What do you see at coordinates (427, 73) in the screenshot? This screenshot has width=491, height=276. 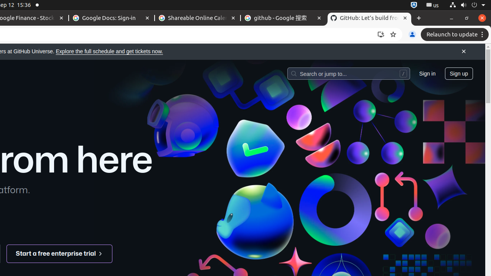 I see `'Sign in'` at bounding box center [427, 73].